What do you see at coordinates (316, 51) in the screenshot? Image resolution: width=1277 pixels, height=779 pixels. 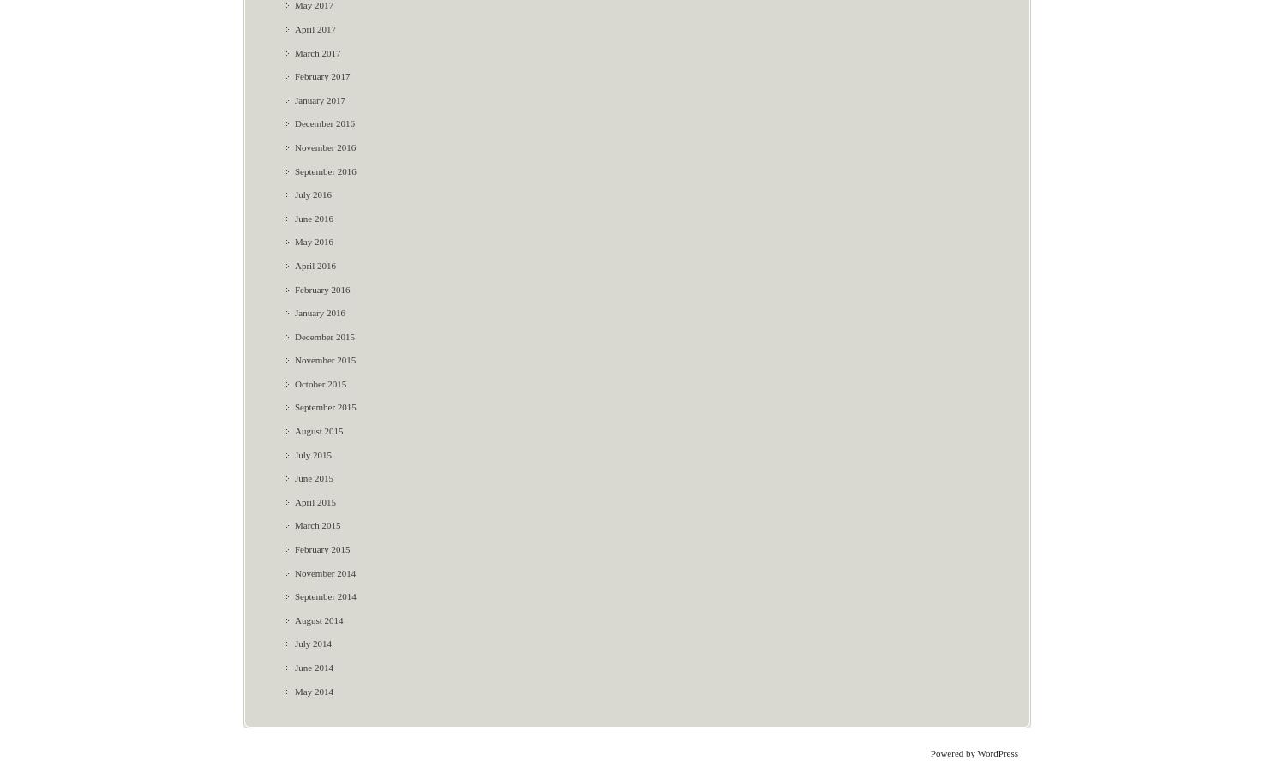 I see `'March 2017'` at bounding box center [316, 51].